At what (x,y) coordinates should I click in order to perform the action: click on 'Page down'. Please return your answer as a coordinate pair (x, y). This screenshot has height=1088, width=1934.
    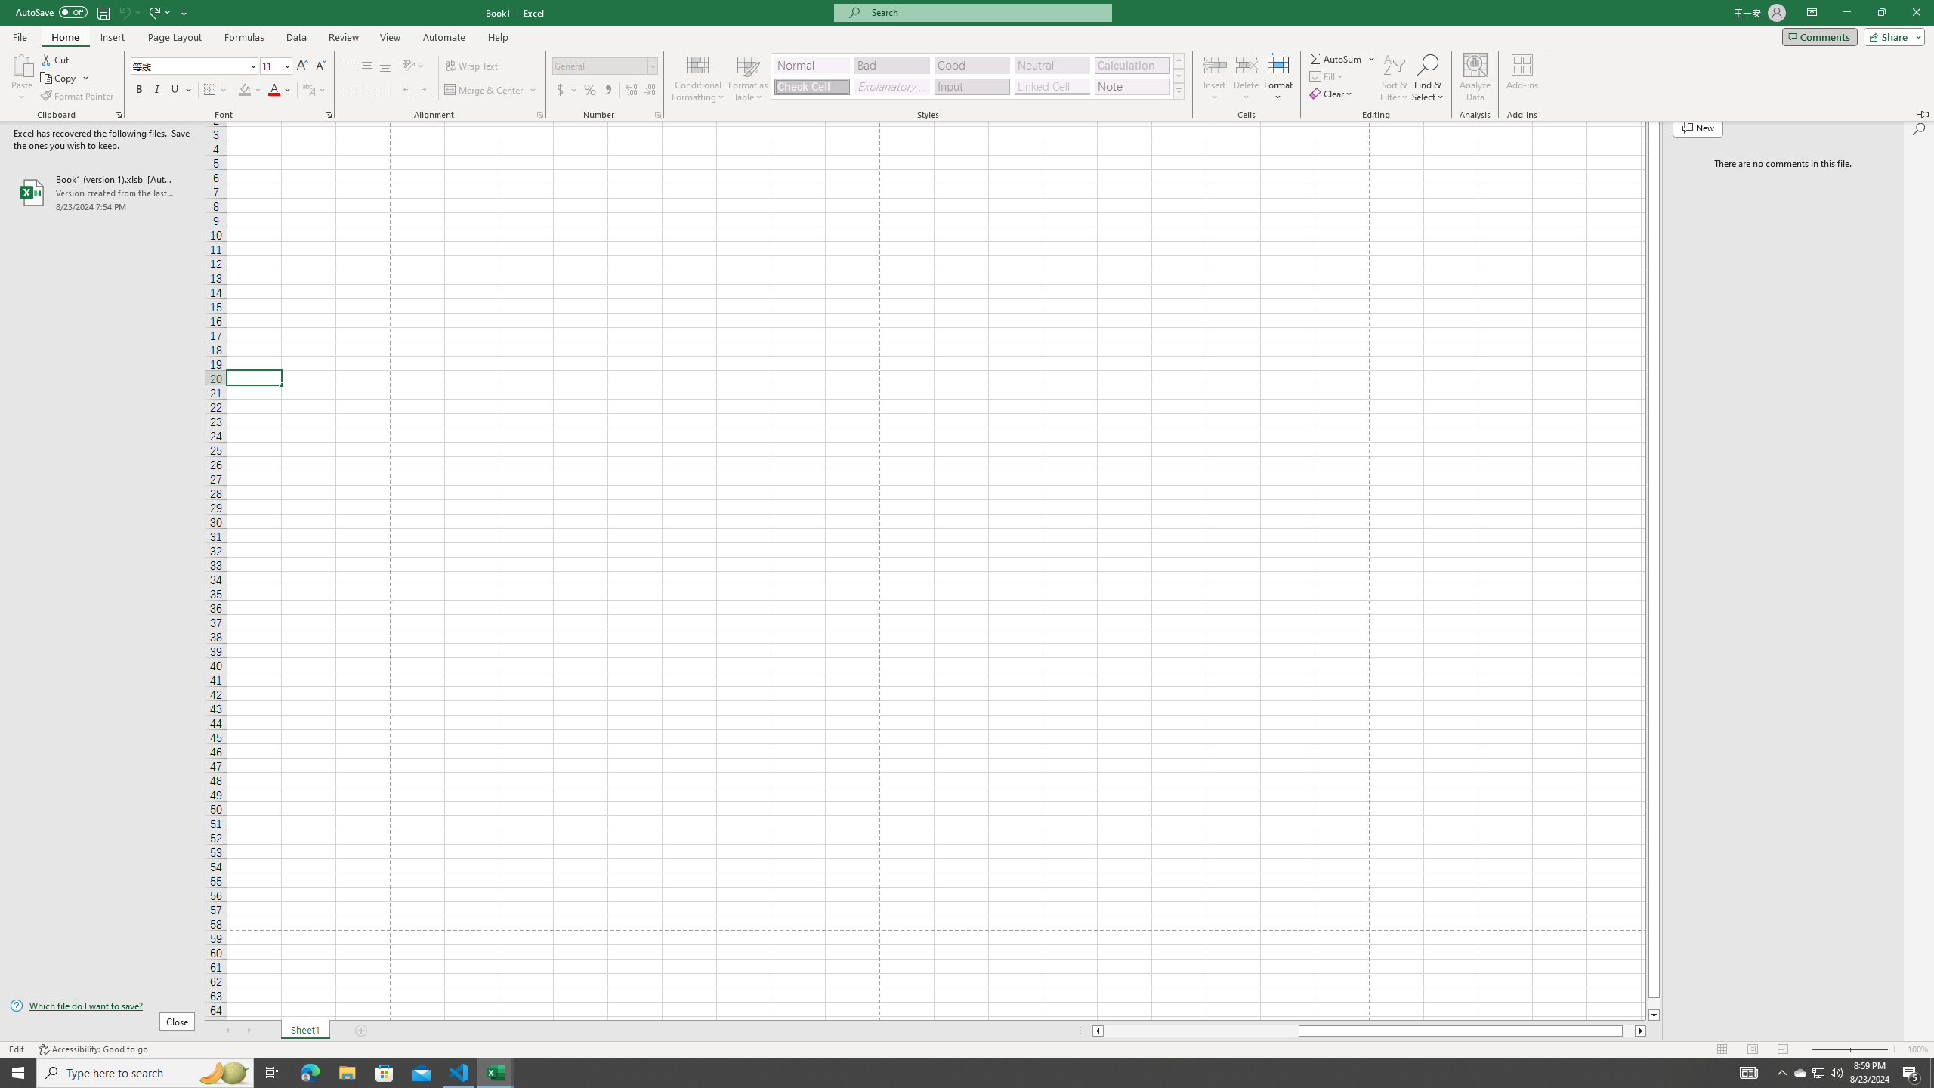
    Looking at the image, I should click on (1654, 1003).